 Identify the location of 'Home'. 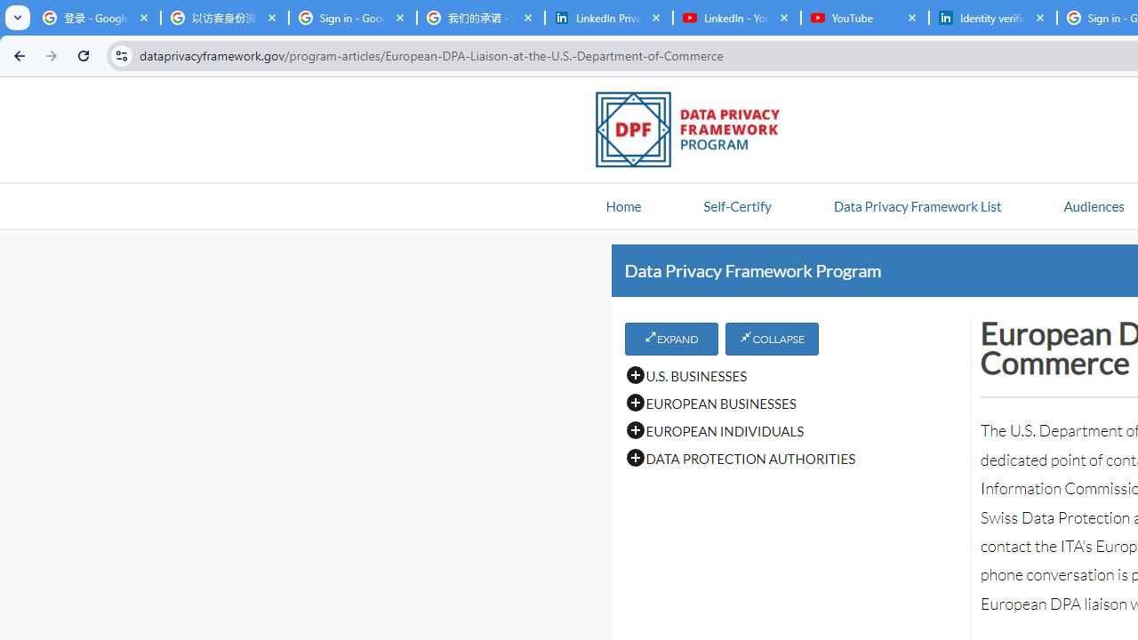
(623, 204).